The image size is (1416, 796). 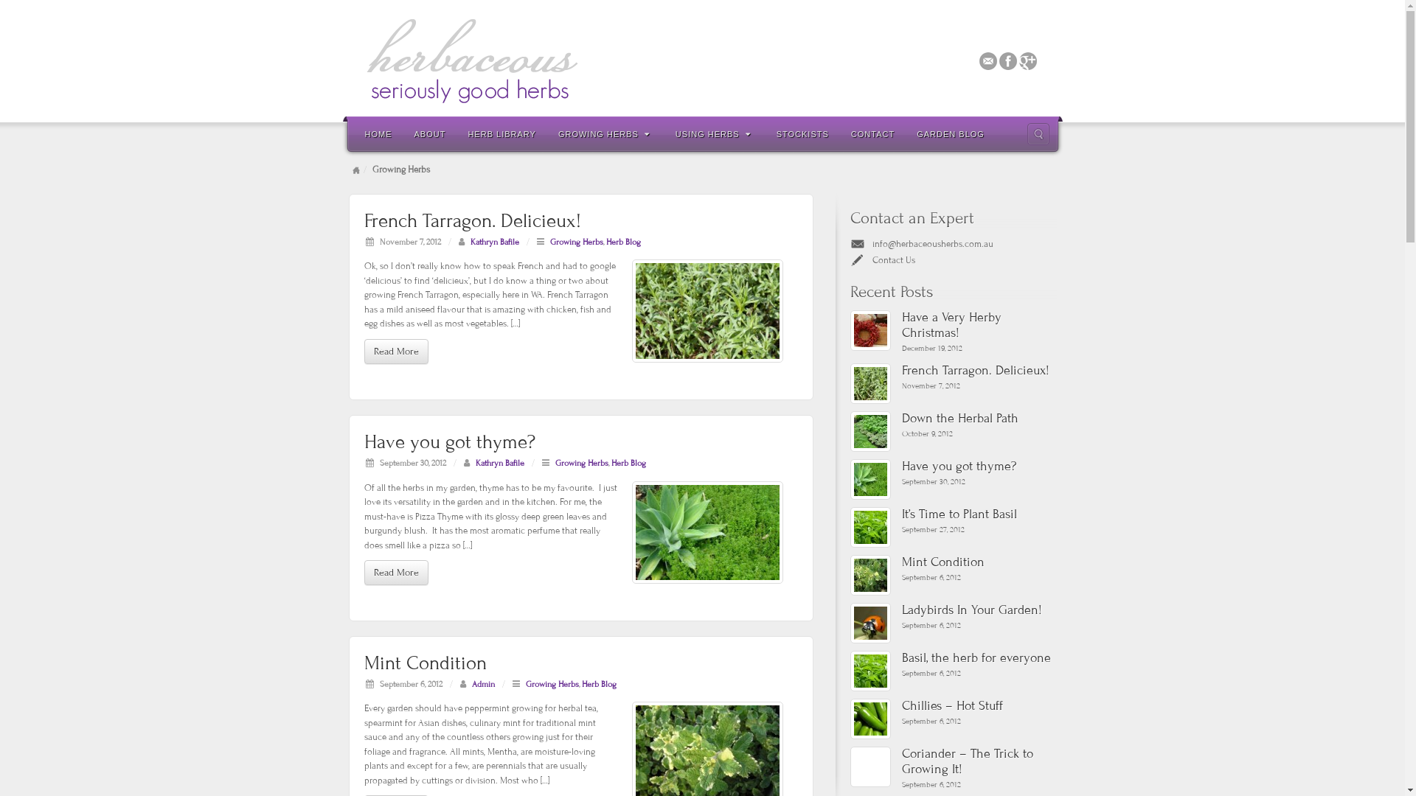 What do you see at coordinates (978, 610) in the screenshot?
I see `'Ladybirds In Your Garden!'` at bounding box center [978, 610].